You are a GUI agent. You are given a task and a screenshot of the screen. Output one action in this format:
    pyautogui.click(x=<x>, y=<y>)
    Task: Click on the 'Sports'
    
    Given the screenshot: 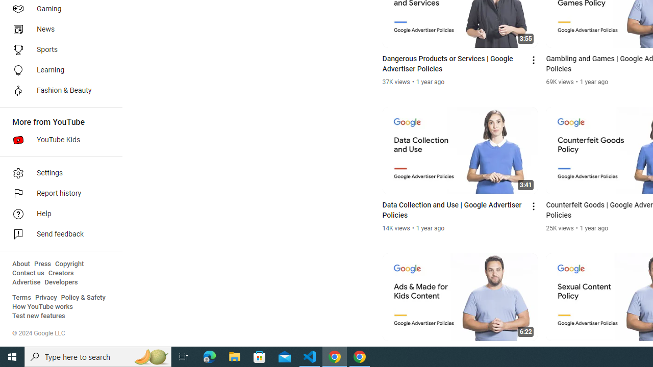 What is the action you would take?
    pyautogui.click(x=57, y=49)
    